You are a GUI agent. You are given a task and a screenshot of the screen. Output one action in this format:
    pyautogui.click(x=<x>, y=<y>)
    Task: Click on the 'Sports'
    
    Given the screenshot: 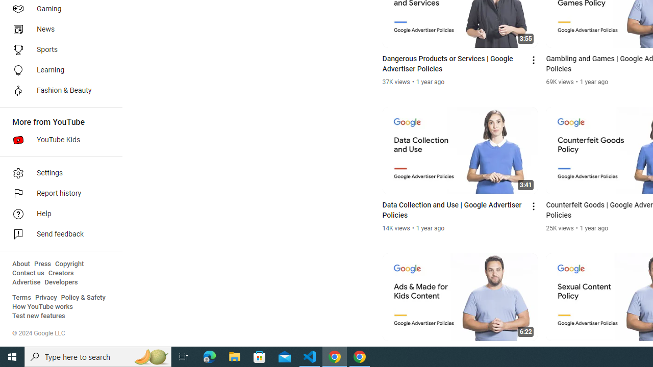 What is the action you would take?
    pyautogui.click(x=57, y=49)
    